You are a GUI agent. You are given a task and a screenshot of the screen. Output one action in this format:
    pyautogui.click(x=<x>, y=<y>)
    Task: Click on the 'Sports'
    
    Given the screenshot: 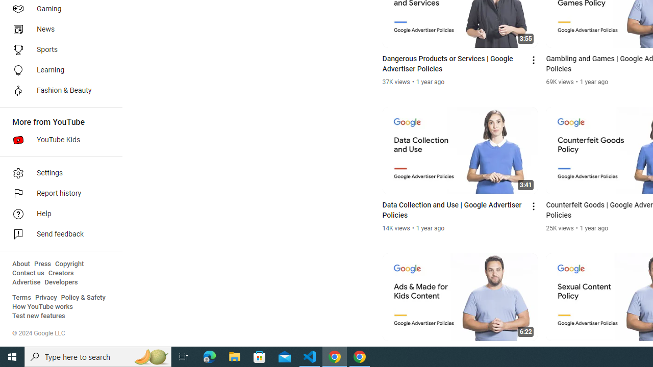 What is the action you would take?
    pyautogui.click(x=57, y=49)
    